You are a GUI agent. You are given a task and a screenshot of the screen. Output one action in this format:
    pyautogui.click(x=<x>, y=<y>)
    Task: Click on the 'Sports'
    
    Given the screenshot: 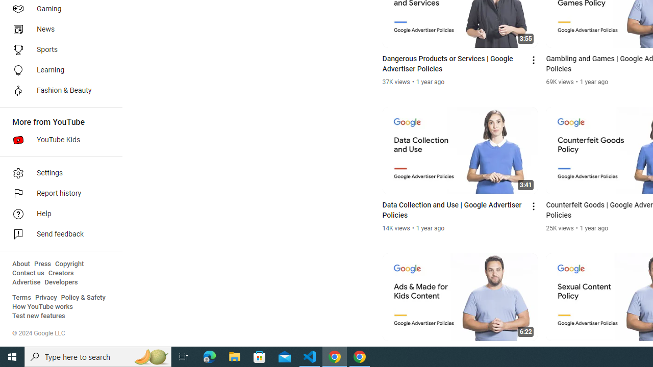 What is the action you would take?
    pyautogui.click(x=57, y=49)
    